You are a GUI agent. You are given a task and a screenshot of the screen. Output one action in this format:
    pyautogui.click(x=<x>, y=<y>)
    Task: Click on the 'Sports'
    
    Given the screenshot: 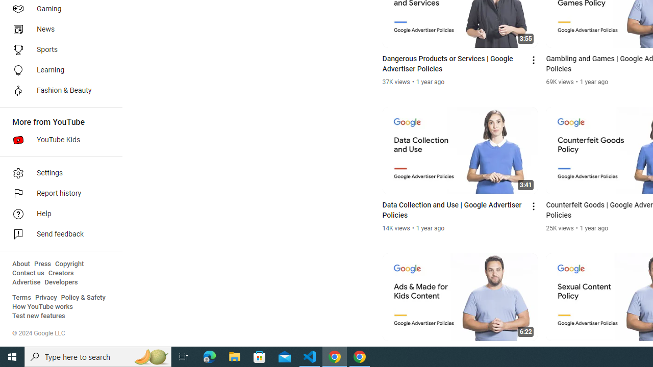 What is the action you would take?
    pyautogui.click(x=57, y=49)
    